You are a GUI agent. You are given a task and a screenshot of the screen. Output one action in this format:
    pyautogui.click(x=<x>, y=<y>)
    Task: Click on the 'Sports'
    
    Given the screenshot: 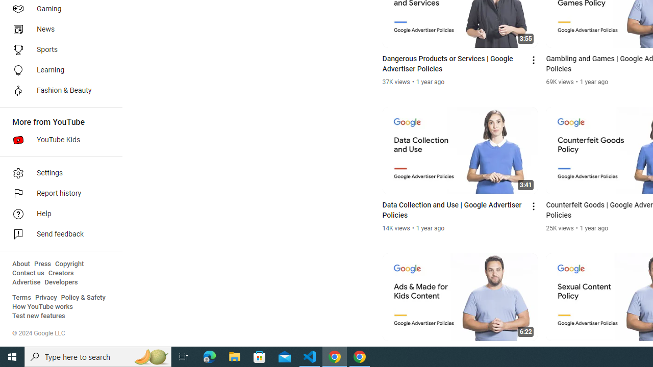 What is the action you would take?
    pyautogui.click(x=57, y=49)
    